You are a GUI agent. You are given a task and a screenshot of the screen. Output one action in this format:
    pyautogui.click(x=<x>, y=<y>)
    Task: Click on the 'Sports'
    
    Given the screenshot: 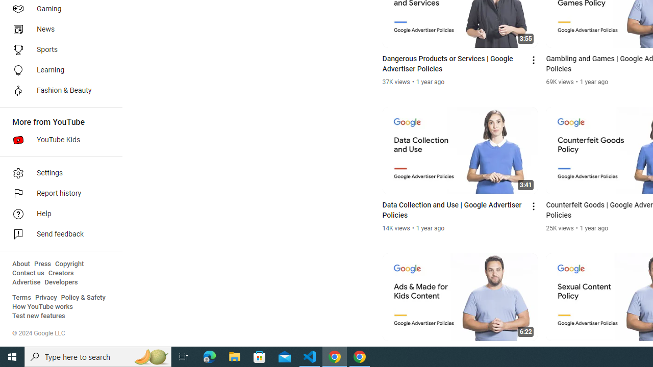 What is the action you would take?
    pyautogui.click(x=57, y=49)
    